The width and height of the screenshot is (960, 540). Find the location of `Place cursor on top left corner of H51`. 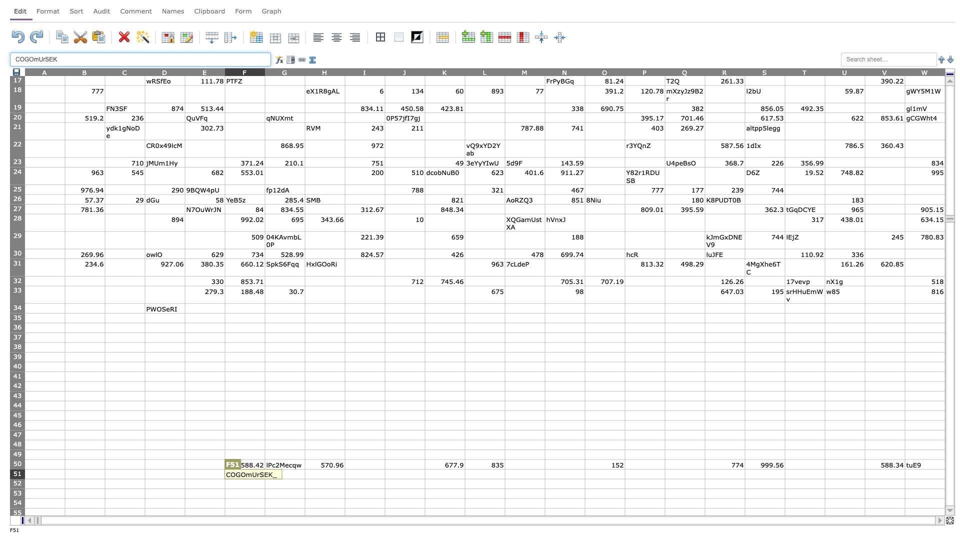

Place cursor on top left corner of H51 is located at coordinates (304, 469).